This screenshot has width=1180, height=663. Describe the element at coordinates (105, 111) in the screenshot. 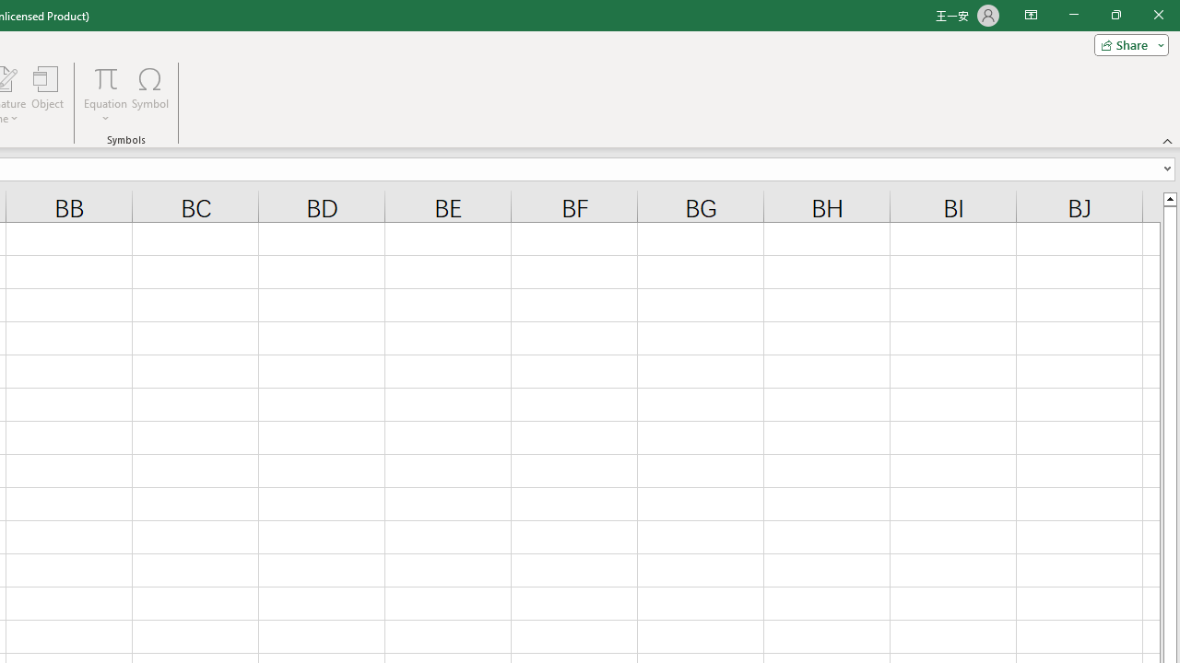

I see `'More Options'` at that location.